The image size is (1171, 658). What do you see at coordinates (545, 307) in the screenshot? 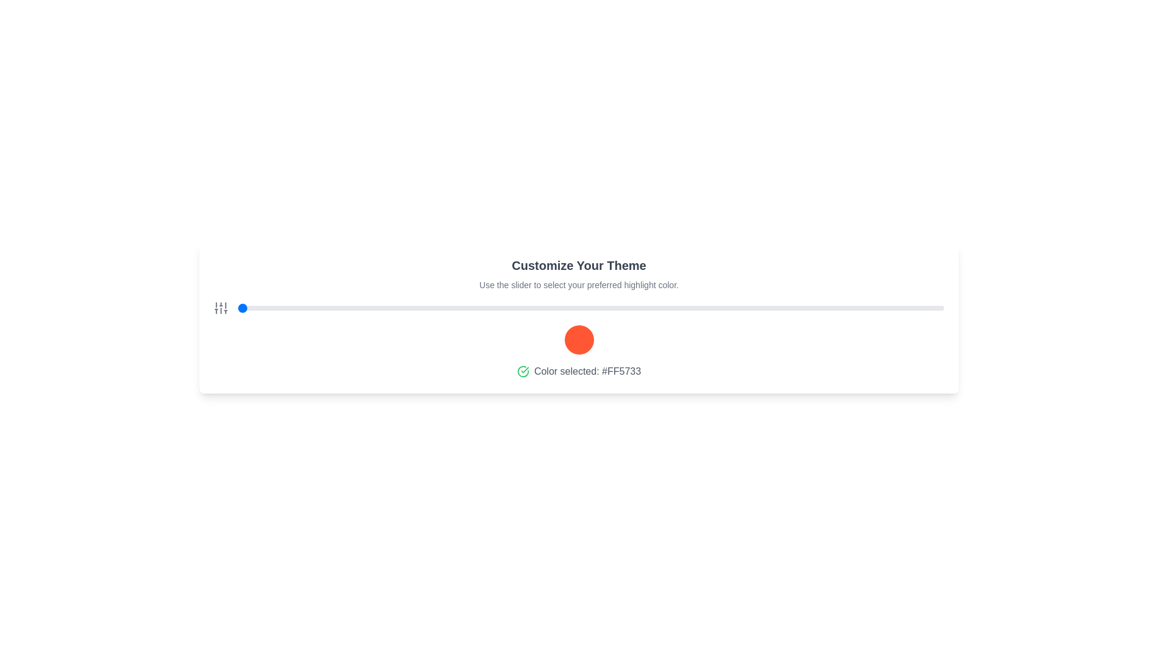
I see `the slider value` at bounding box center [545, 307].